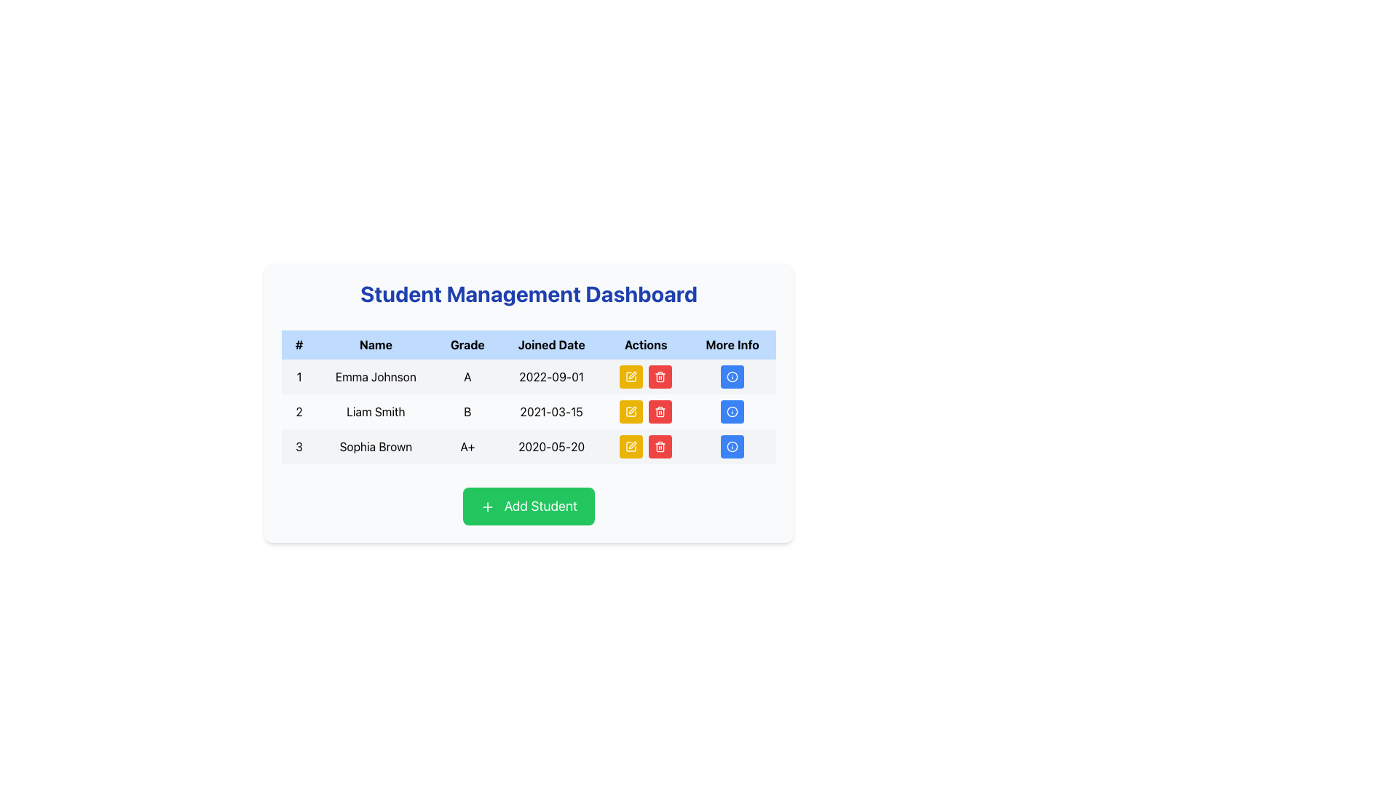  Describe the element at coordinates (732, 412) in the screenshot. I see `the informational icon located` at that location.